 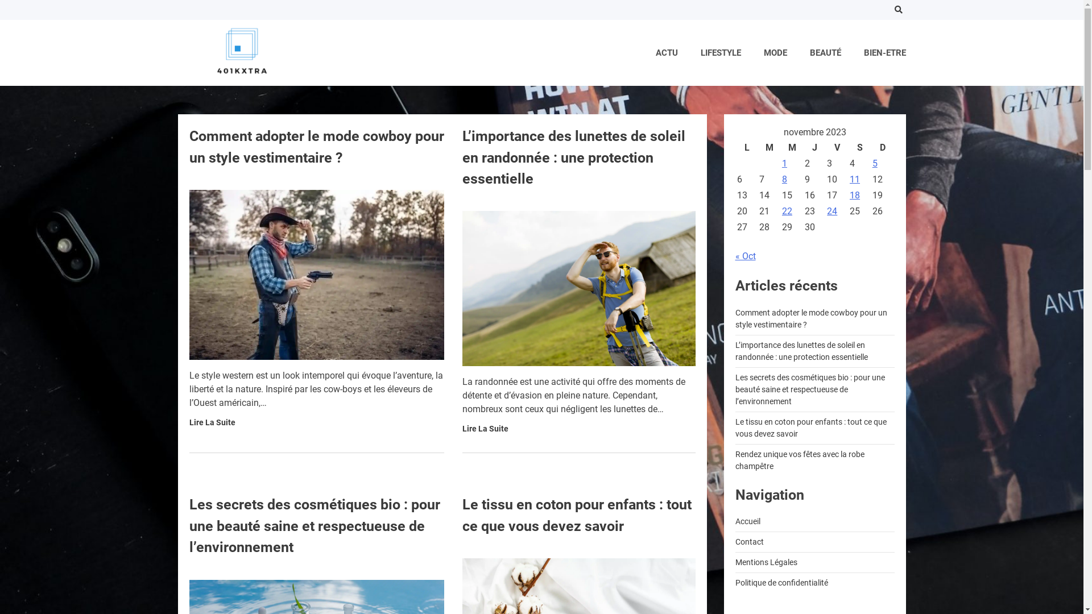 I want to click on 'ACTU', so click(x=666, y=53).